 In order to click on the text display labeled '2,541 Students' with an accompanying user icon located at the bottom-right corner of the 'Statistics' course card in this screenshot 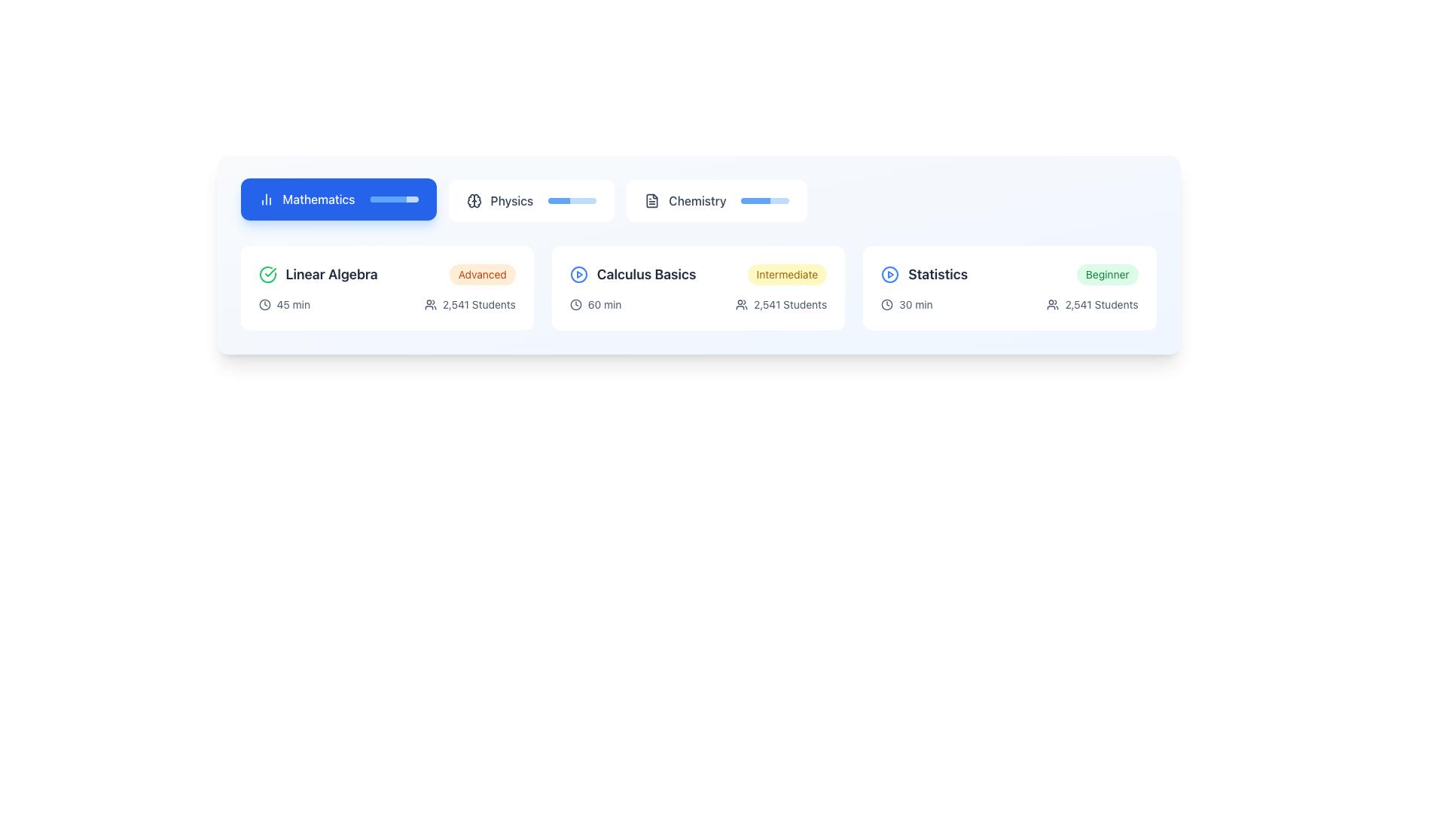, I will do `click(1092, 305)`.